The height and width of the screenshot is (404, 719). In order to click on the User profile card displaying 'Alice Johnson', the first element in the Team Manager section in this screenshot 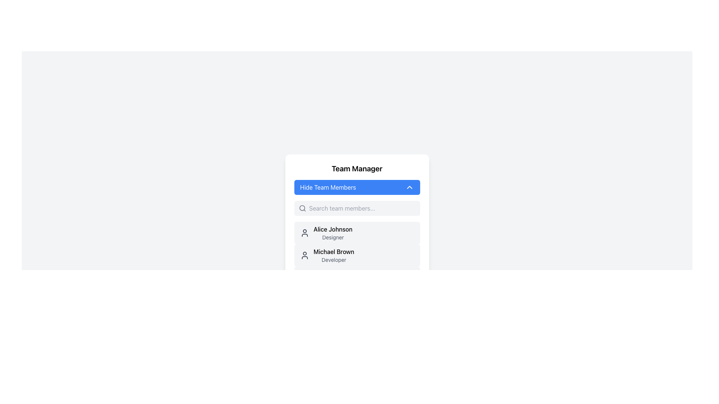, I will do `click(357, 233)`.